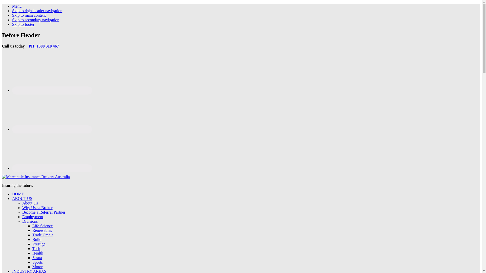  I want to click on 'Sports', so click(37, 262).